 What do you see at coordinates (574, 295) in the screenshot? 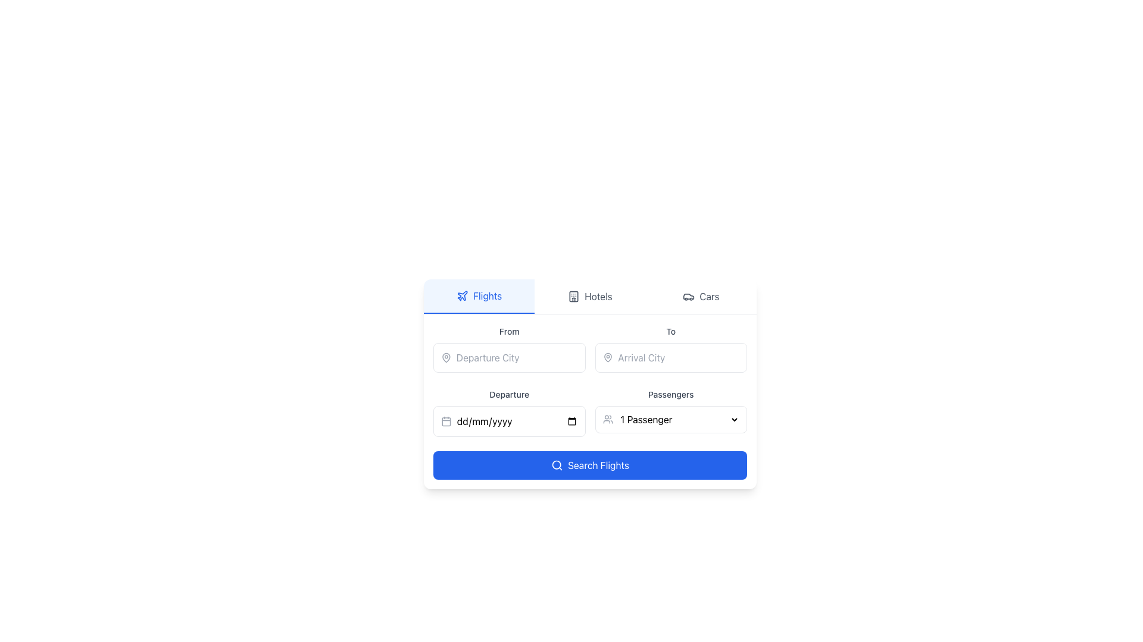
I see `the Icon component representing a hotel within the 'Hotels' tab, which is a minimalistic rectangular element with rounded corners` at bounding box center [574, 295].